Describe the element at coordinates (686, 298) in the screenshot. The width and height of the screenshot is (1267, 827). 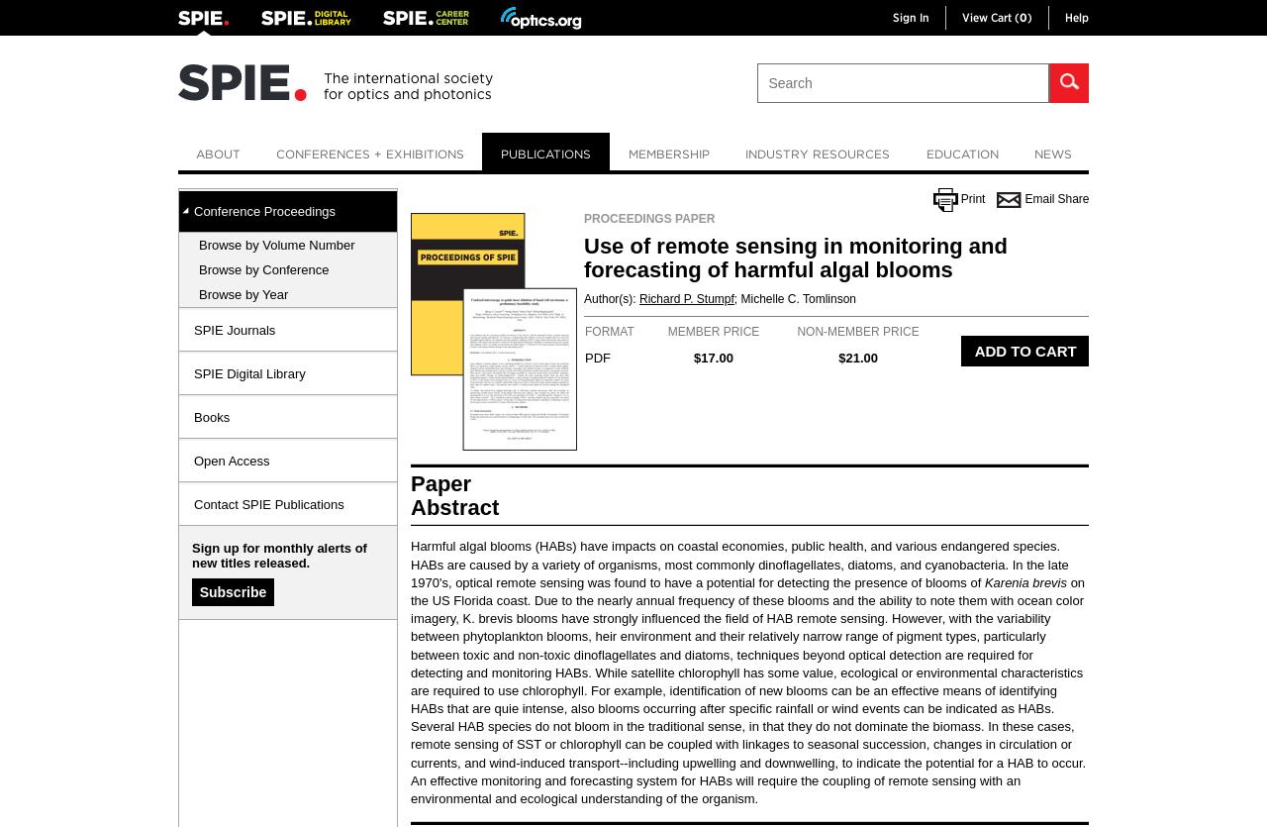
I see `'Richard P. Stumpf'` at that location.